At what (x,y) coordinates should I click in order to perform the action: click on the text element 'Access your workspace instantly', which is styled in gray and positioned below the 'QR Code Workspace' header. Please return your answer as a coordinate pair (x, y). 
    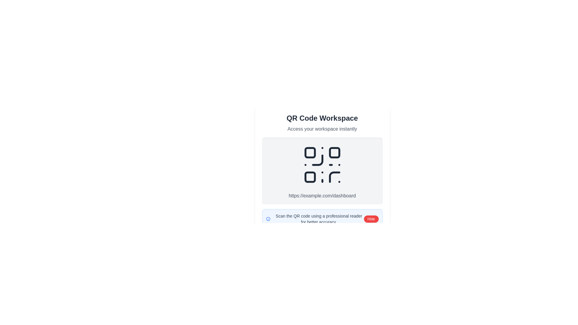
    Looking at the image, I should click on (322, 128).